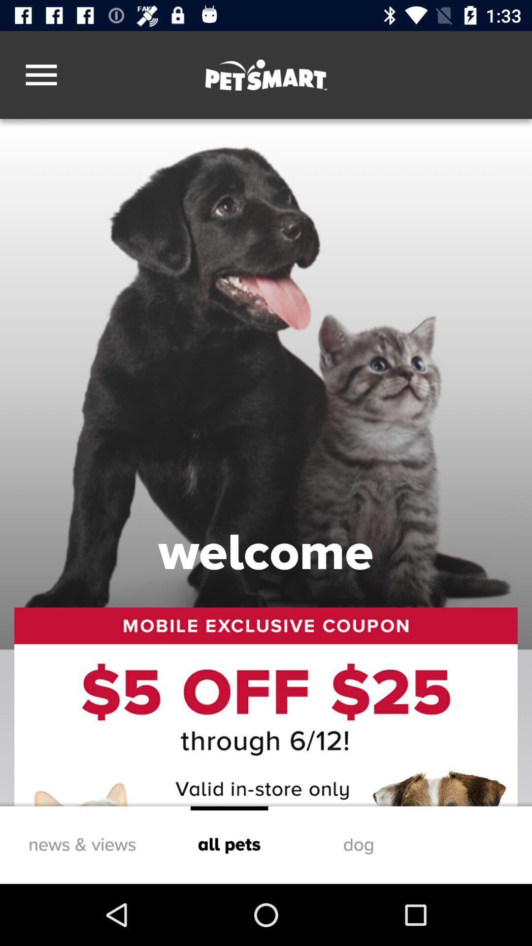  What do you see at coordinates (82, 845) in the screenshot?
I see `icon at the bottom left corner` at bounding box center [82, 845].